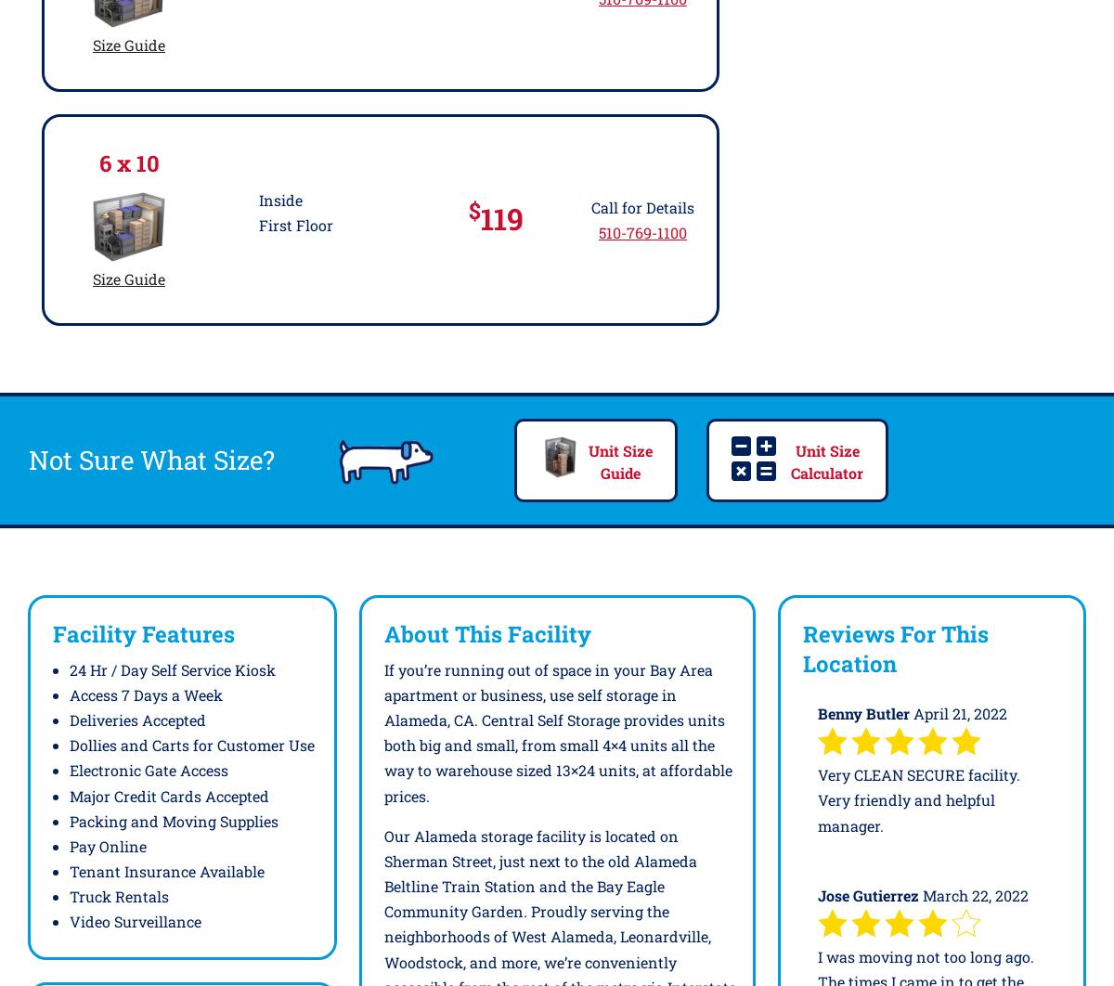  I want to click on 'April 21, 2022', so click(959, 712).